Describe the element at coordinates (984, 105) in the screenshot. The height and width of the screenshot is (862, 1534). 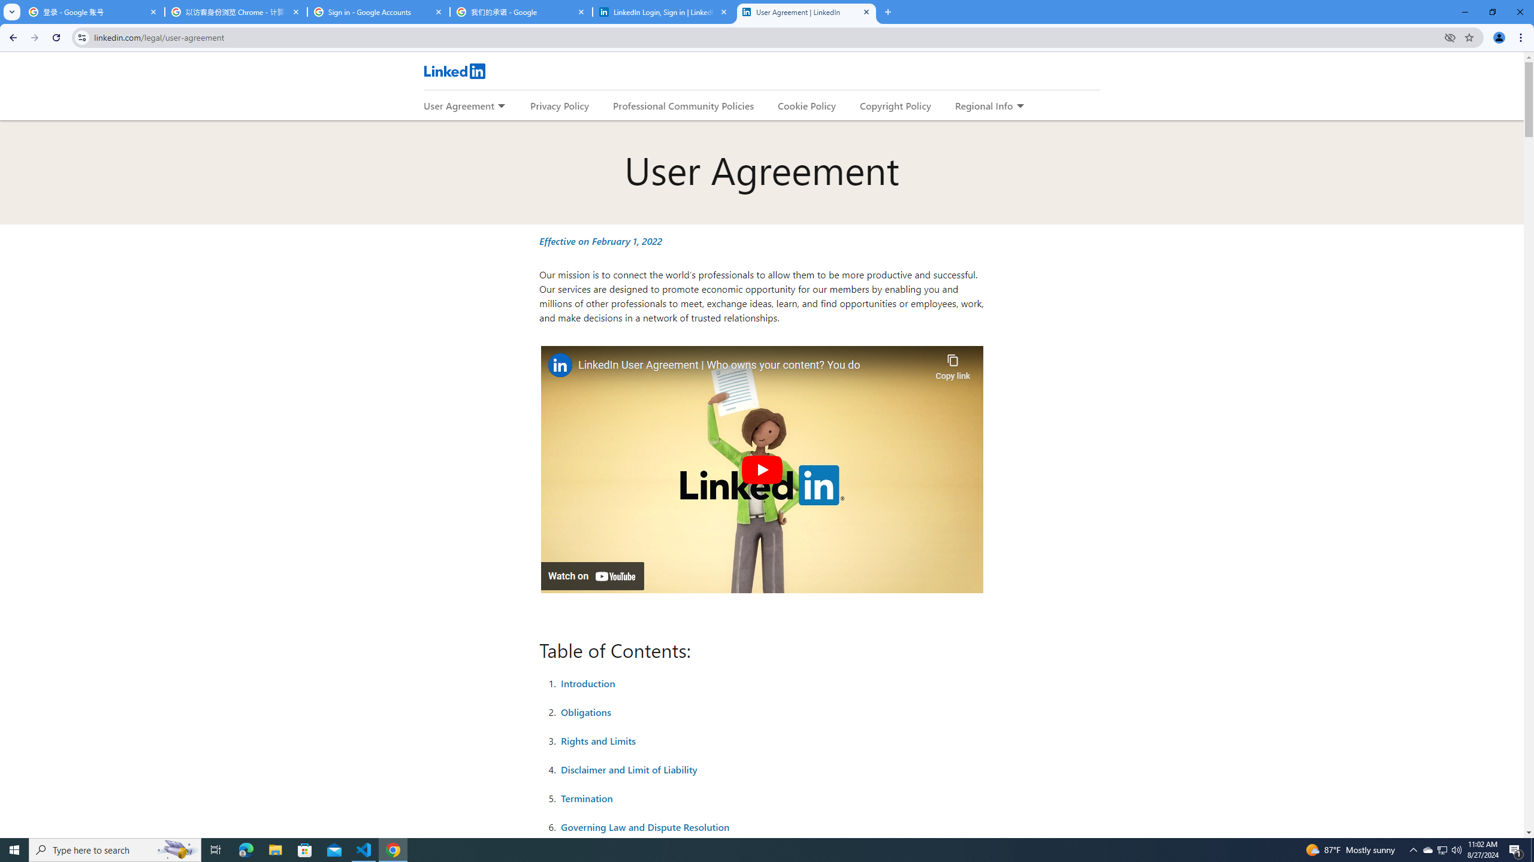
I see `'Regional Info'` at that location.